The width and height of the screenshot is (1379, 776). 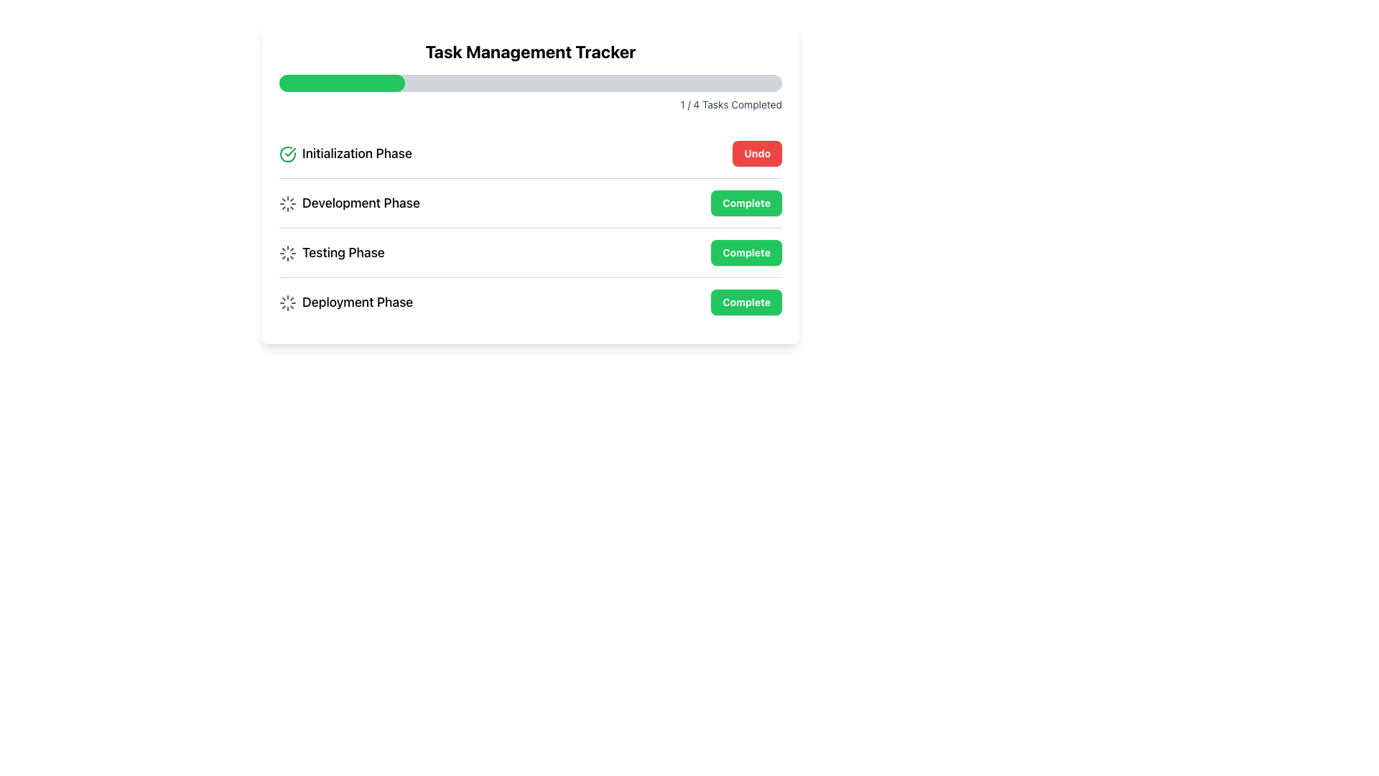 What do you see at coordinates (756, 153) in the screenshot?
I see `the red 'Undo' button with bold white text, located on the right side of the 'Initialization Phase' row in the task tracker interface, to change its background color` at bounding box center [756, 153].